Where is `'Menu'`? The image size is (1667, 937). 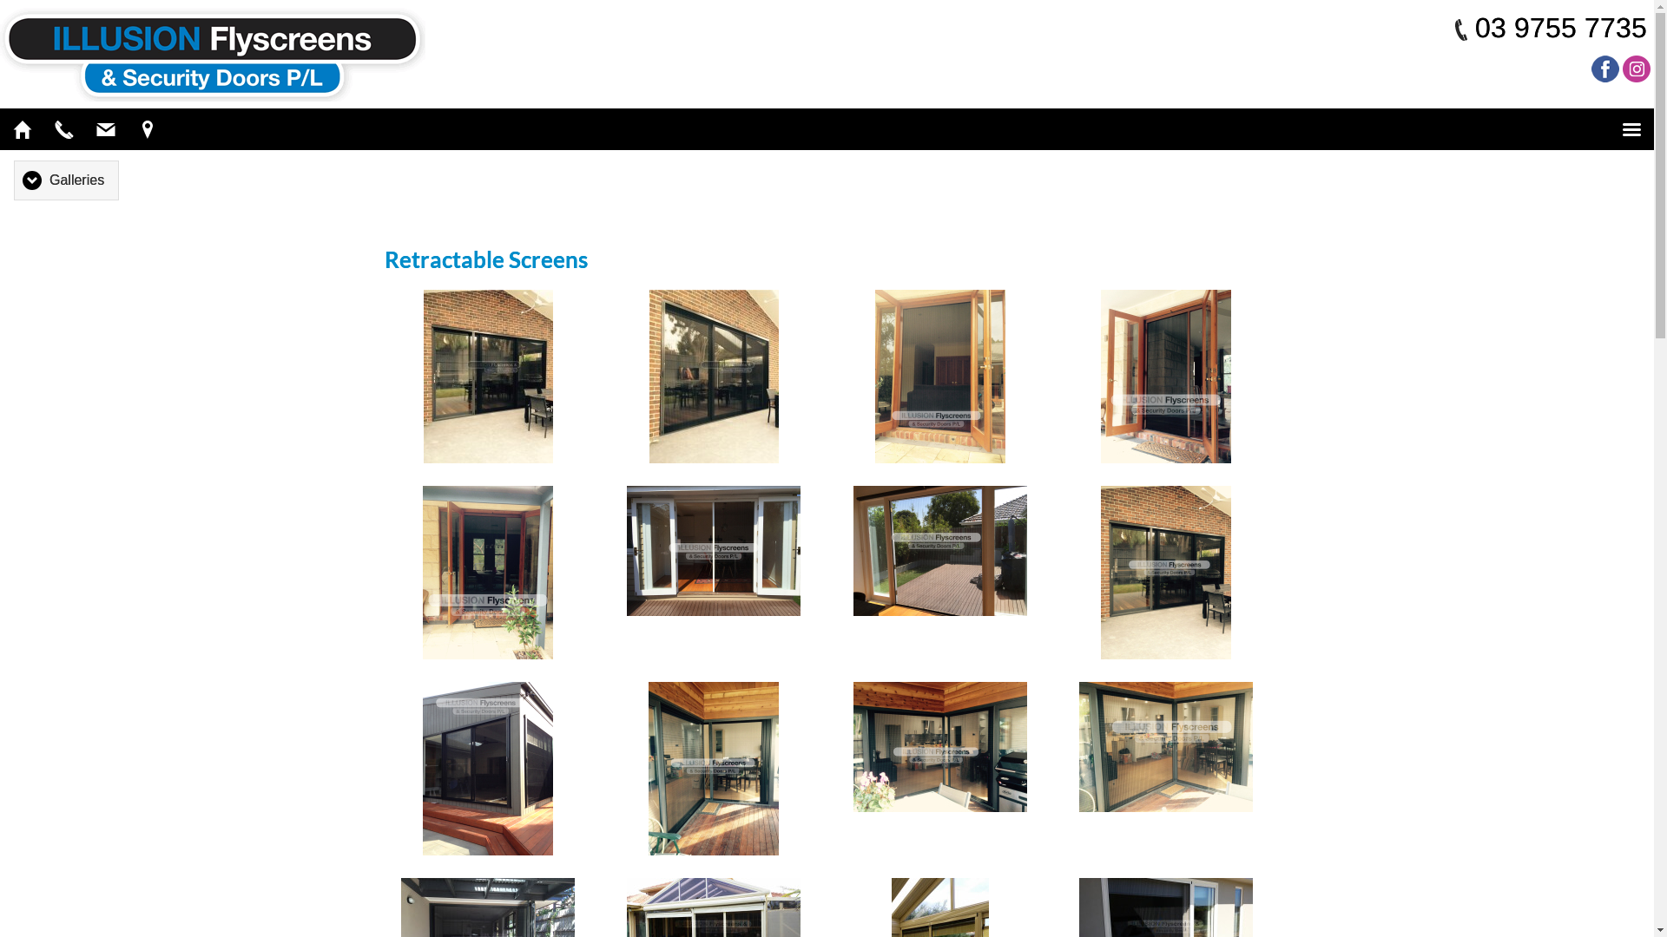
'Menu' is located at coordinates (1630, 128).